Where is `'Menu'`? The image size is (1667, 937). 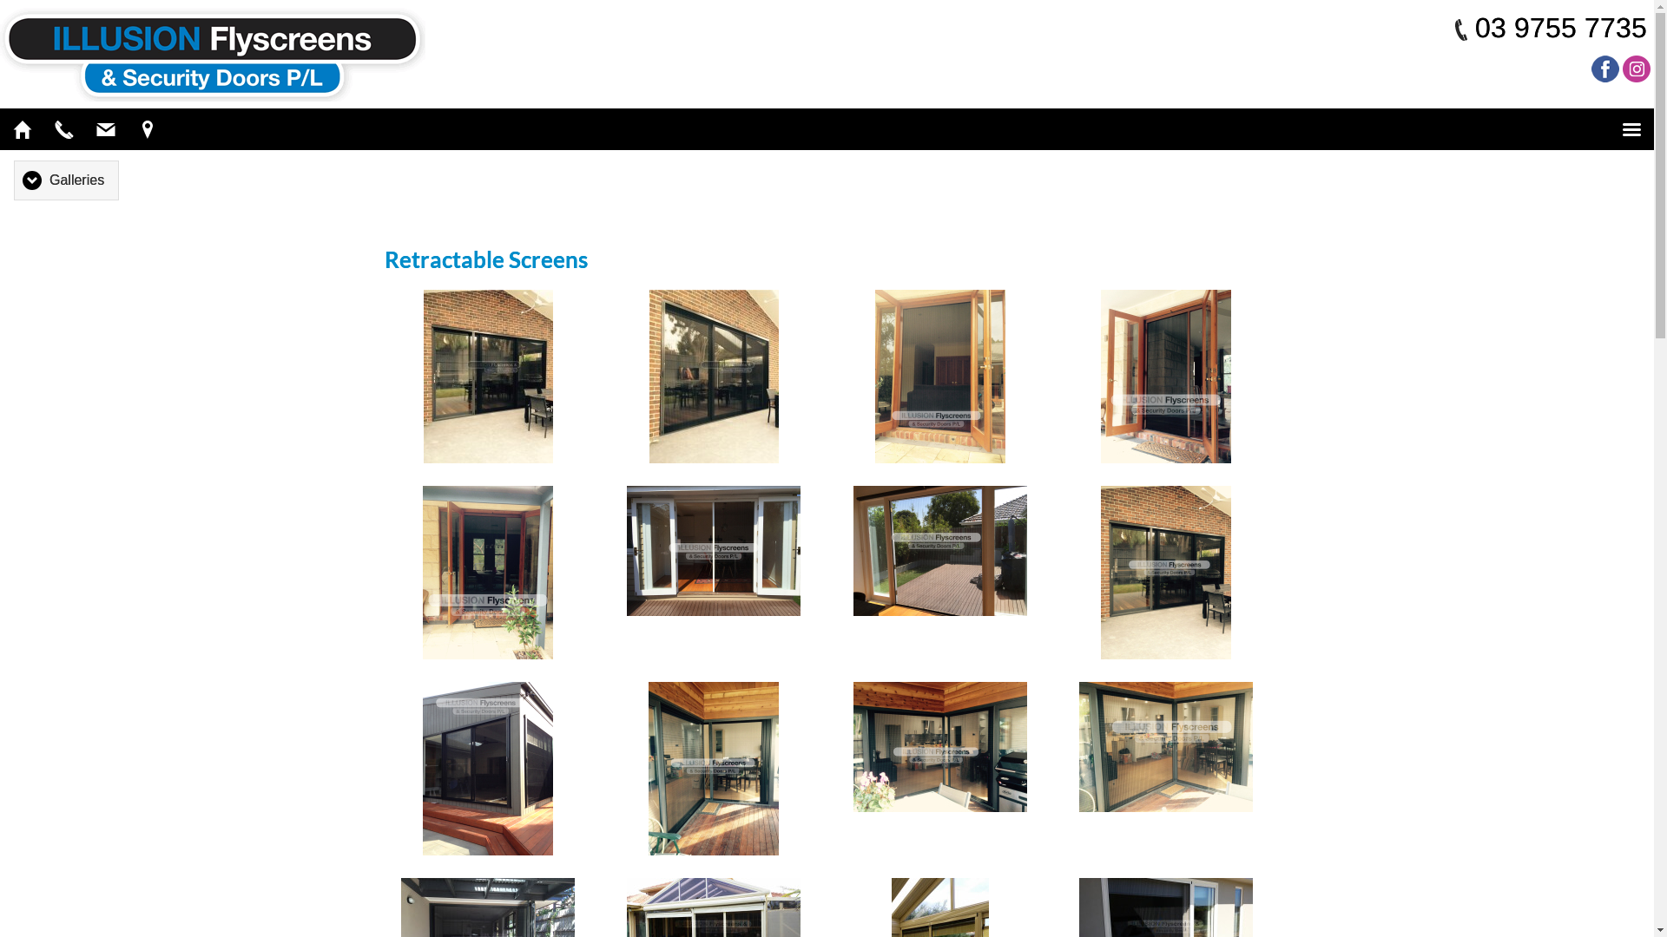
'Menu' is located at coordinates (1630, 128).